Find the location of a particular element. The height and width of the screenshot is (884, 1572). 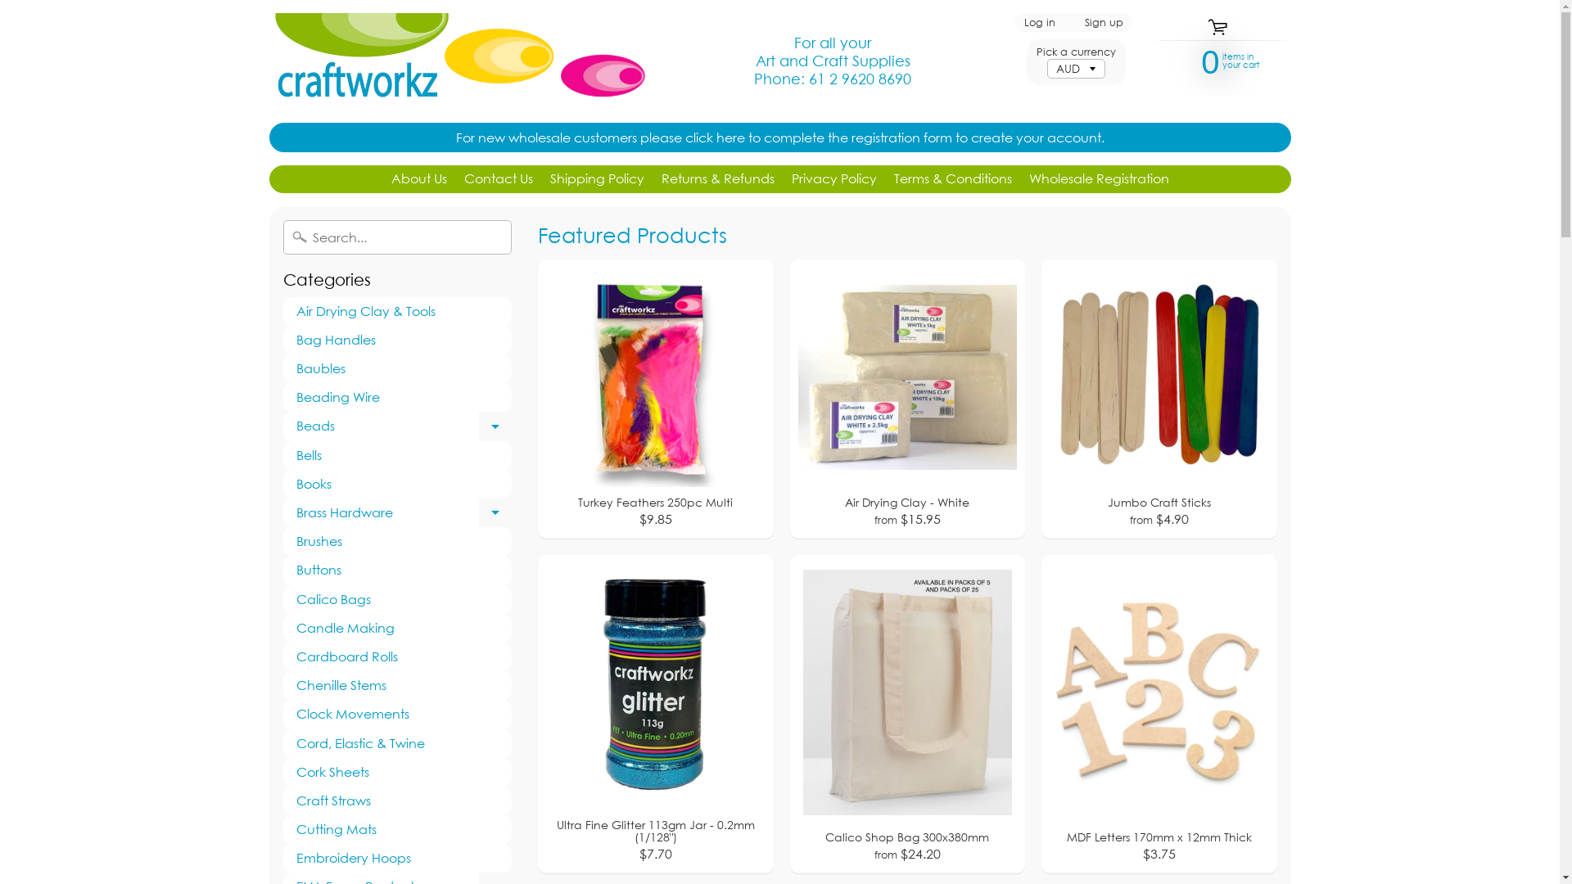

'Cutting Mats' is located at coordinates (397, 829).